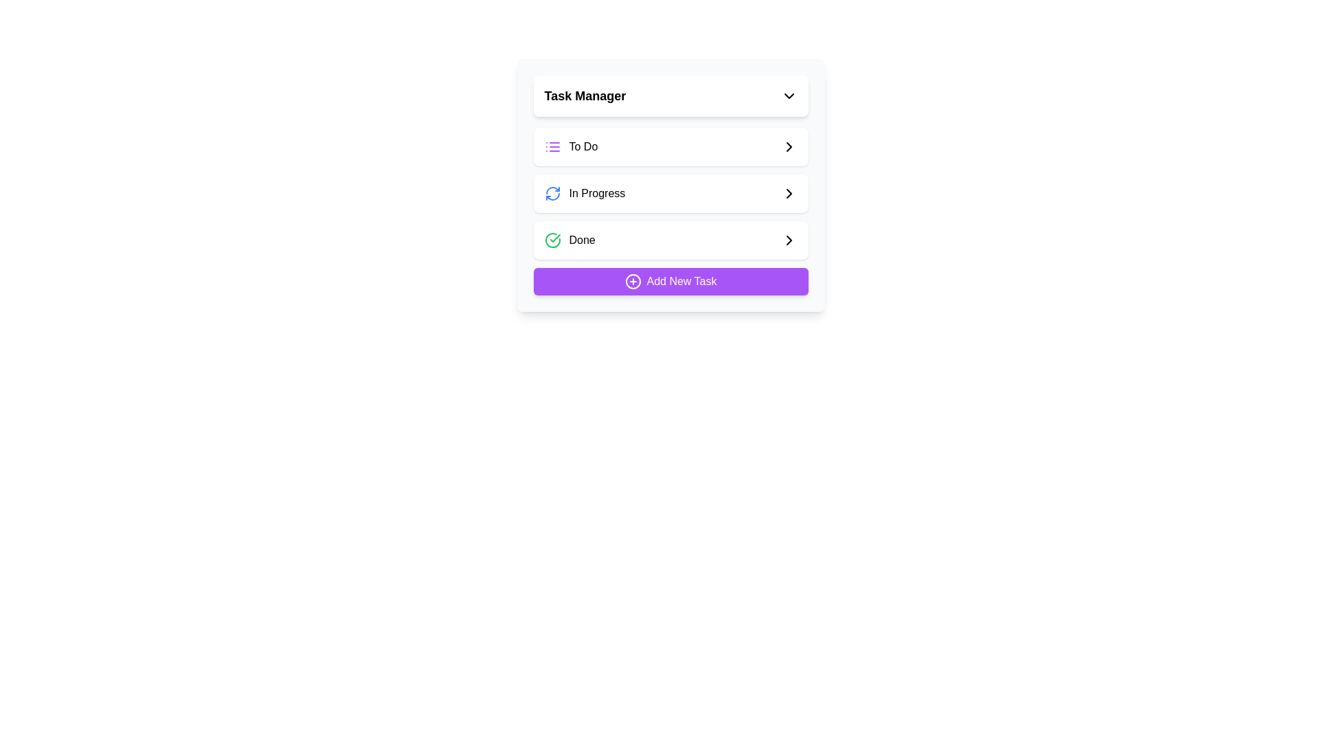 The image size is (1319, 742). What do you see at coordinates (585, 193) in the screenshot?
I see `text 'In Progress' from the Label with a circular arrow icon located in the Task Manager list, positioned between 'To Do' and 'Done'` at bounding box center [585, 193].